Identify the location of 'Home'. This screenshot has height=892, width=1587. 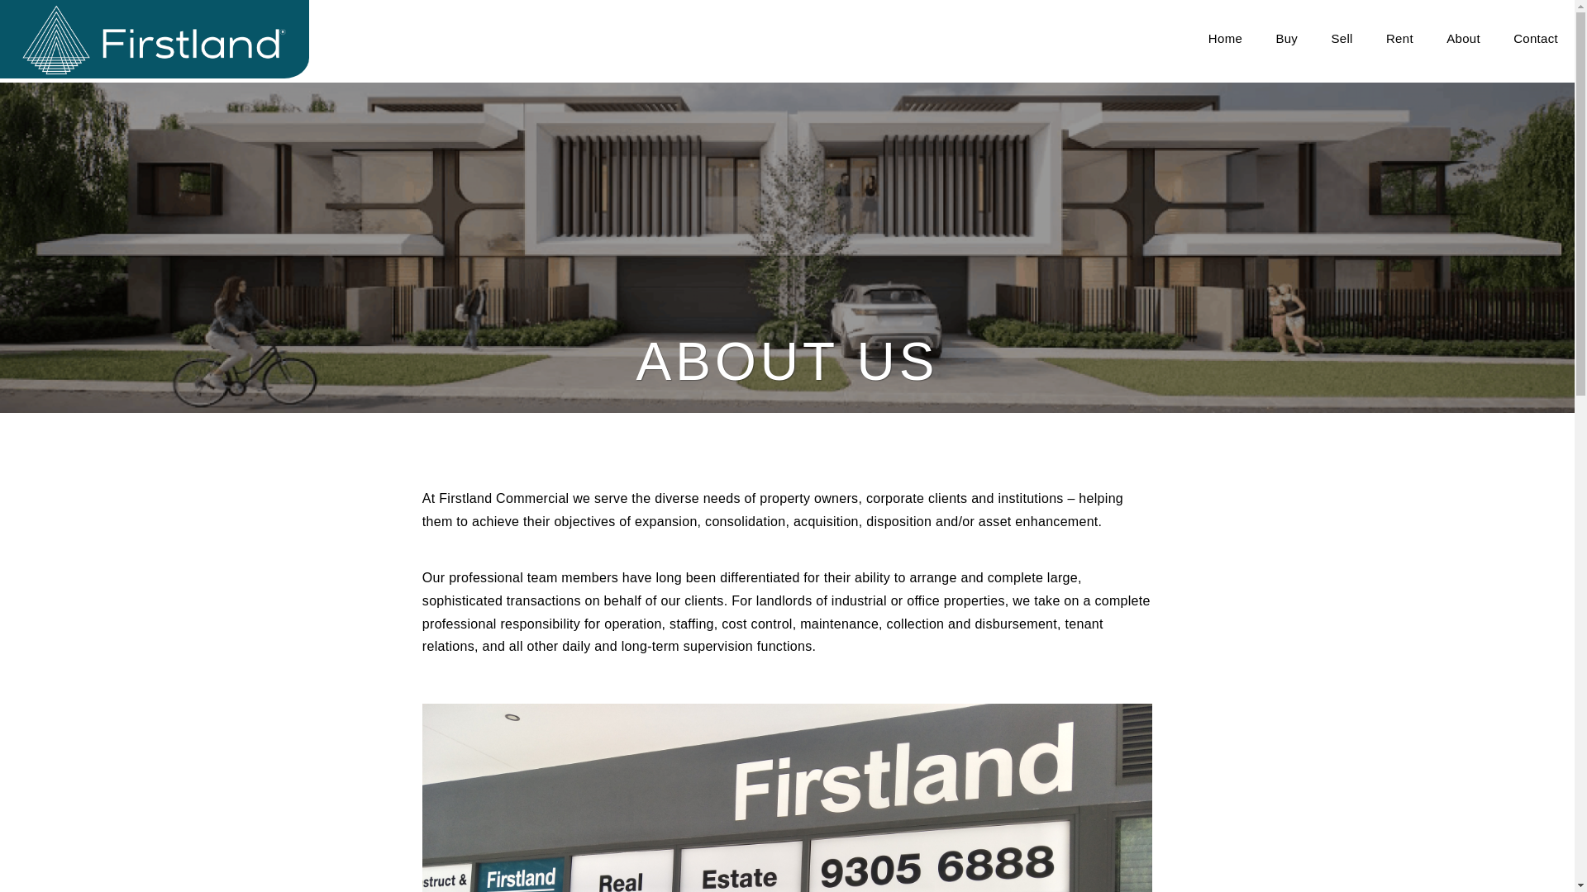
(1225, 37).